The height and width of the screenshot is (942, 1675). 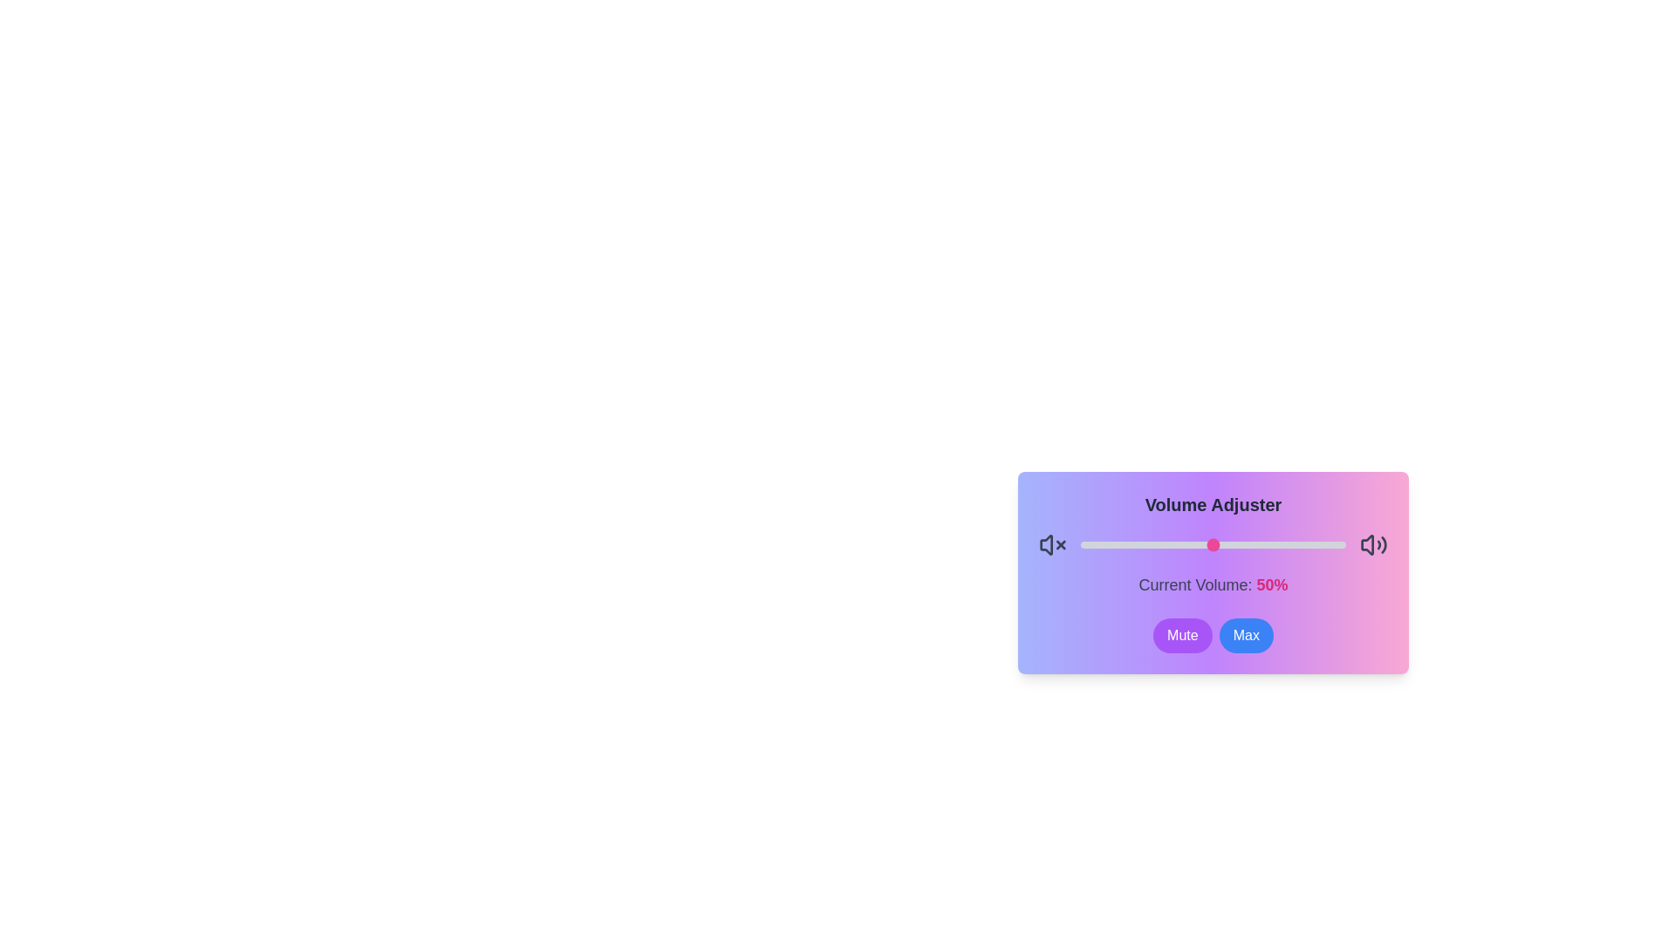 I want to click on the volume to 43 percent by dragging the slider, so click(x=1193, y=543).